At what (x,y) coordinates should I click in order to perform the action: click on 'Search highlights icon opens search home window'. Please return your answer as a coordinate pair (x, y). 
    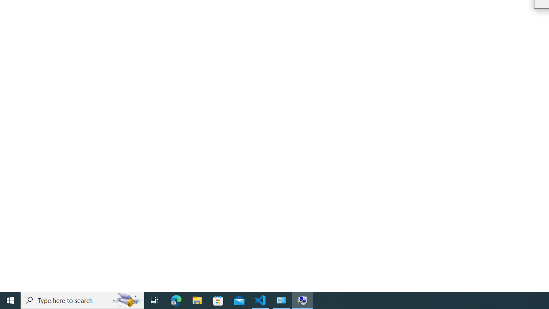
    Looking at the image, I should click on (126, 300).